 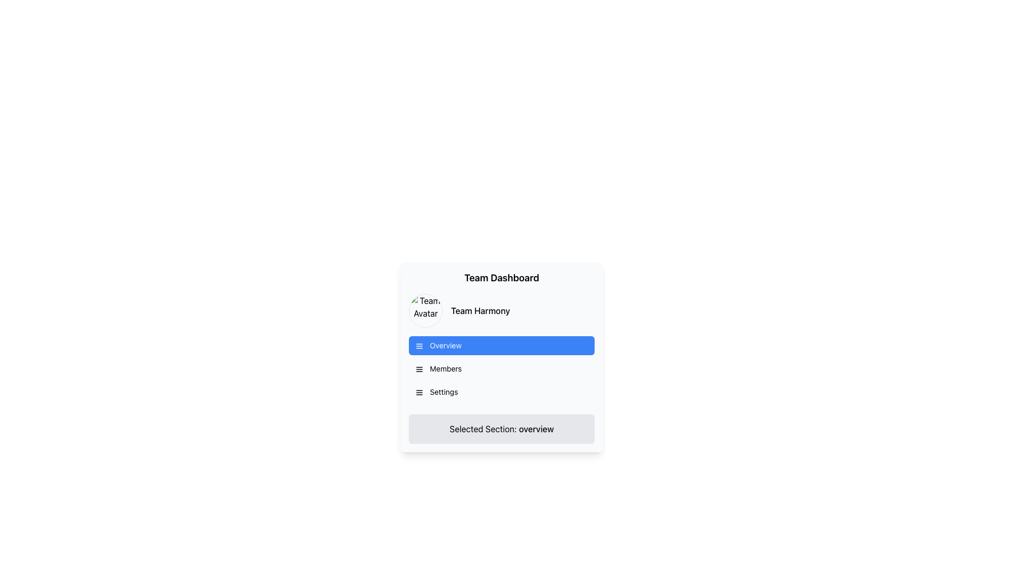 I want to click on the text label displaying 'overview' located at the bottom of a light gray rectangular box with rounded corners that contains the text 'Selected Section: overview', so click(x=536, y=429).